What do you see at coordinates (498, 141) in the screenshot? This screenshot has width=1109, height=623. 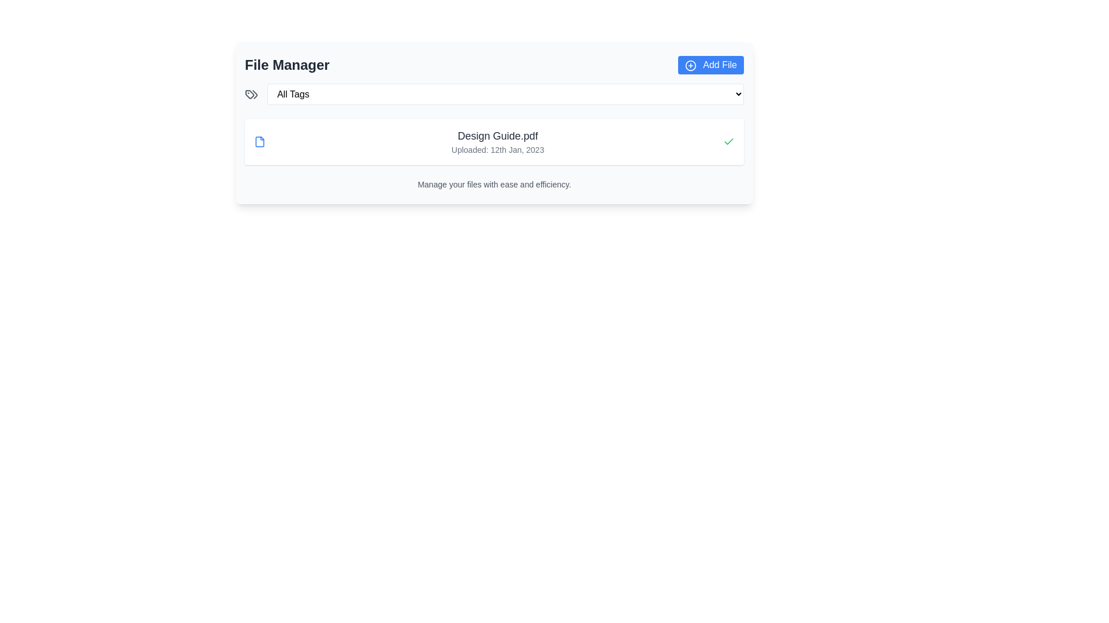 I see `title and subtitle of the file display labeled 'Design Guide.pdf' within the 'File Manager' interface, which is centrally positioned and includes additional metadata such as the upload date` at bounding box center [498, 141].